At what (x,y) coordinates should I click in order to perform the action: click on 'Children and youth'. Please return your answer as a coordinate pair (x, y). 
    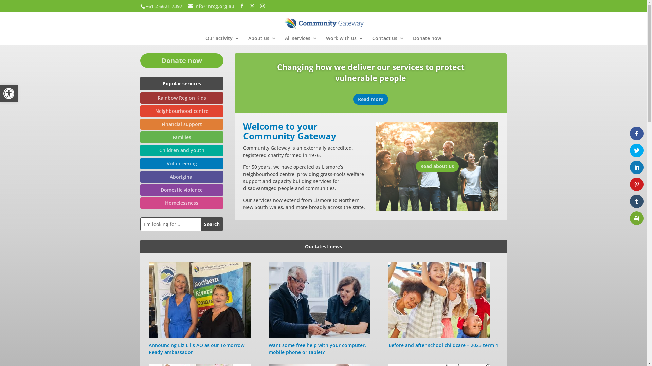
    Looking at the image, I should click on (181, 150).